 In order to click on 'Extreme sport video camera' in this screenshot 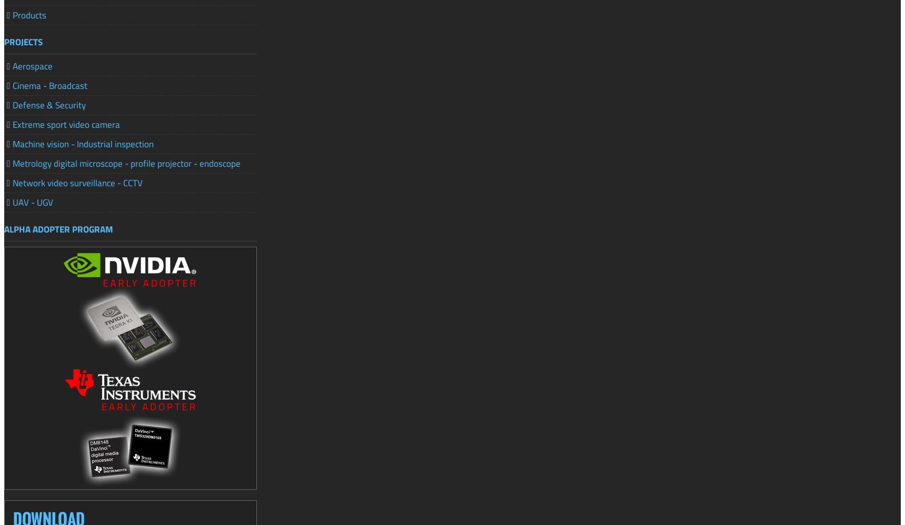, I will do `click(12, 124)`.